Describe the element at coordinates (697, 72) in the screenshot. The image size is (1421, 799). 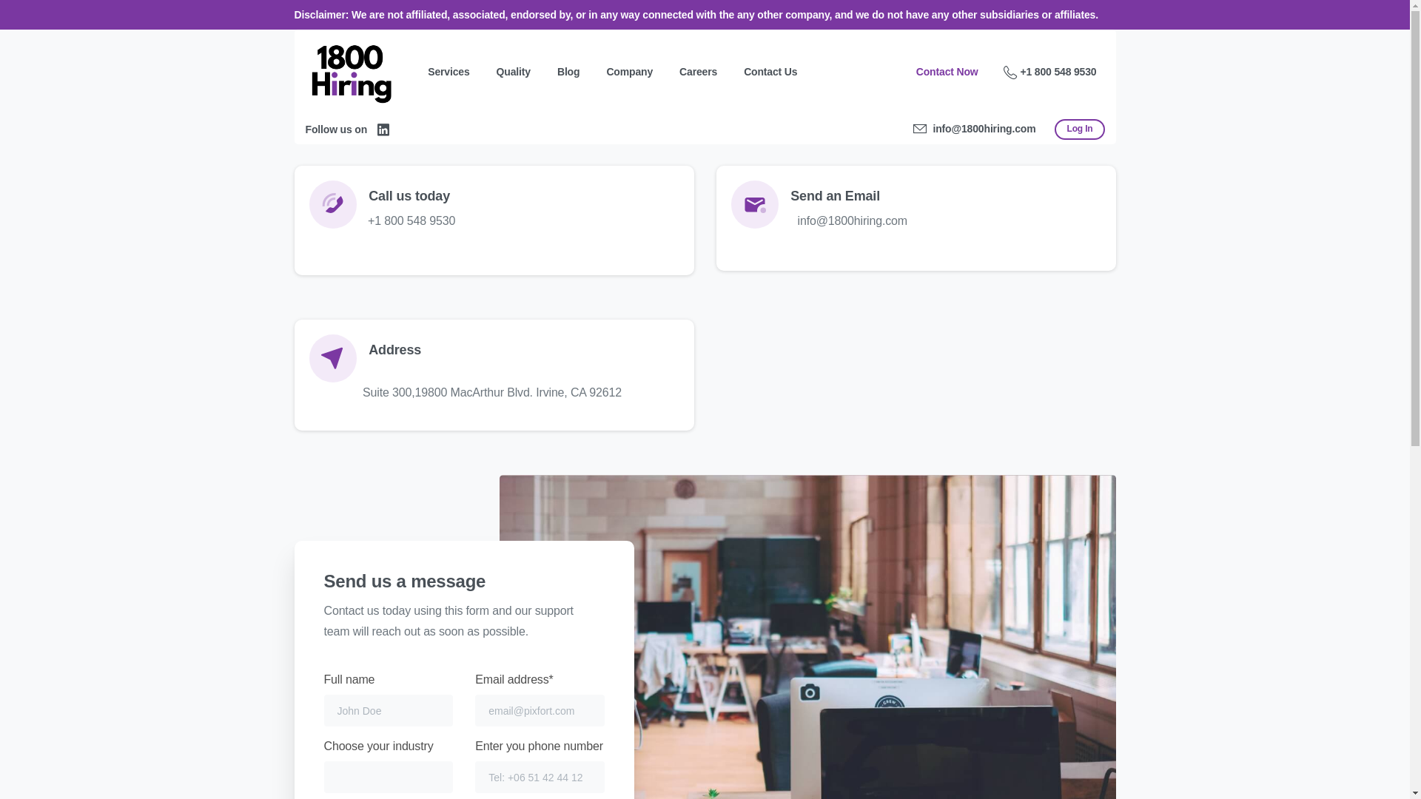
I see `'Careers'` at that location.